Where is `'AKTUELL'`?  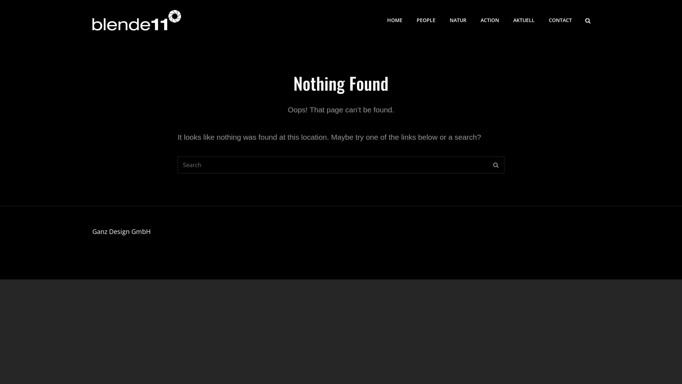
'AKTUELL' is located at coordinates (506, 20).